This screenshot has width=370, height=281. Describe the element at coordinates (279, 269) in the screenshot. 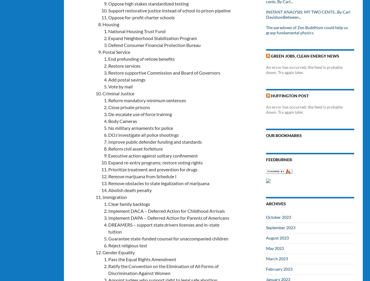

I see `'February 2023'` at that location.